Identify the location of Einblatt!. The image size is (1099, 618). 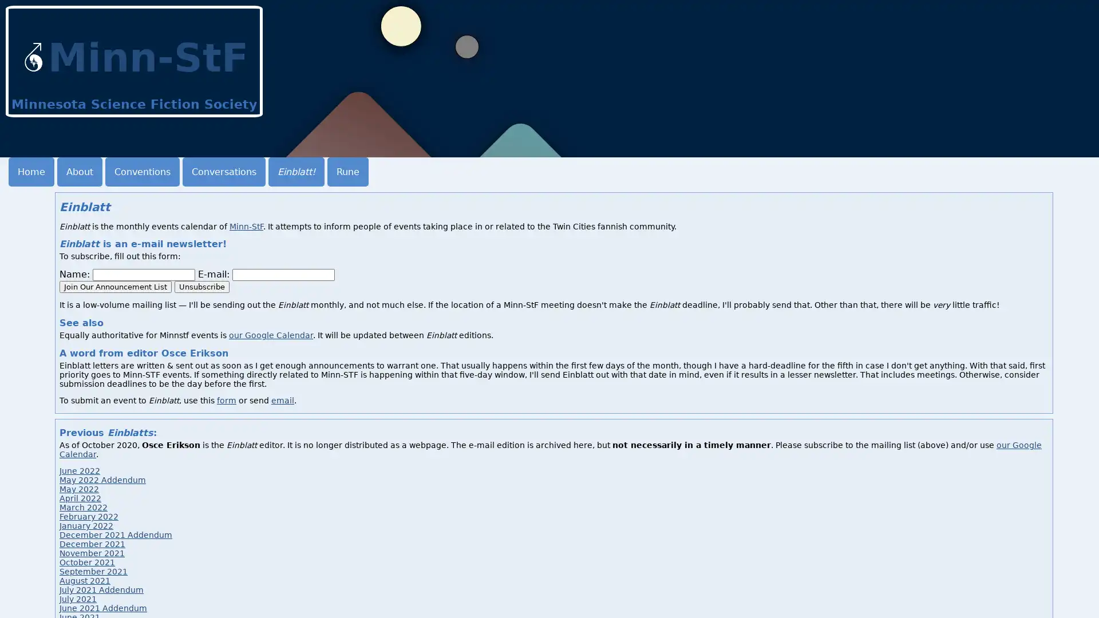
(297, 172).